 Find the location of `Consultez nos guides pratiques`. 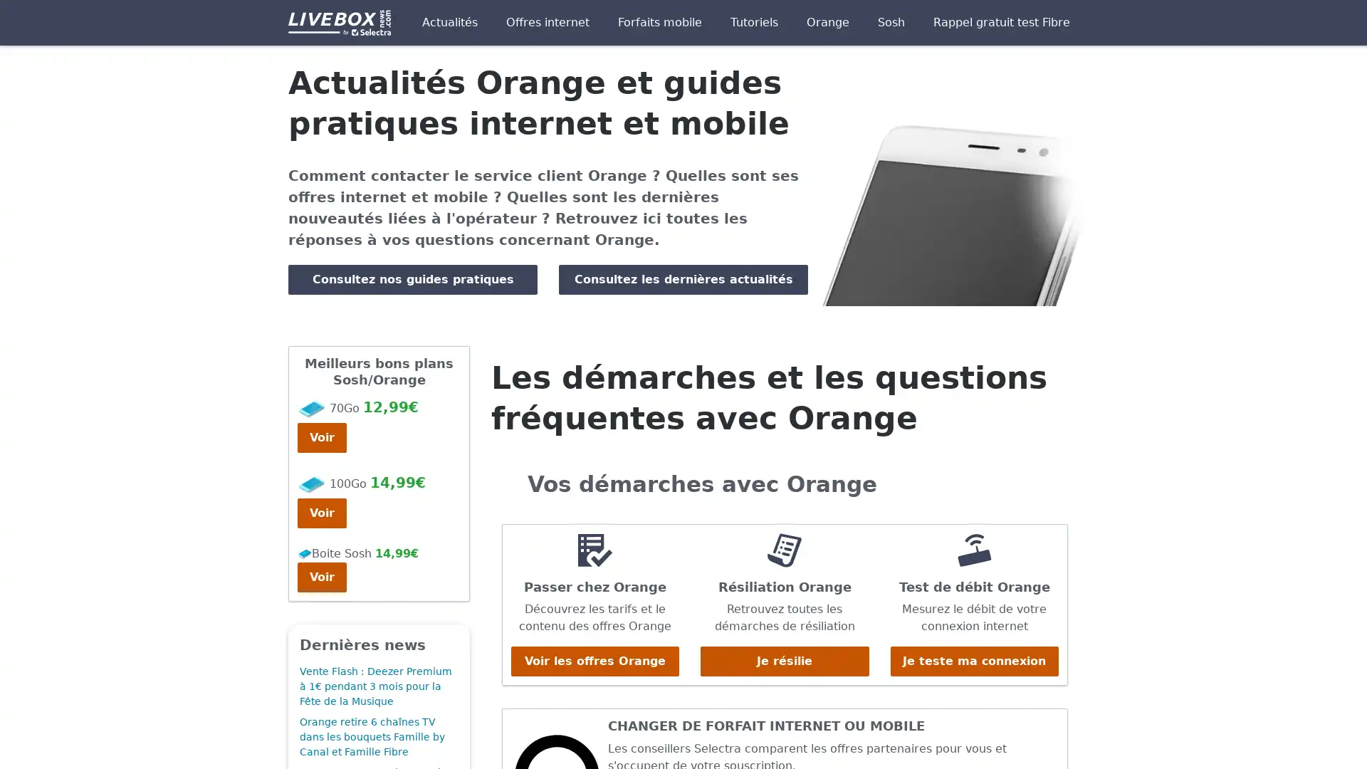

Consultez nos guides pratiques is located at coordinates (412, 279).